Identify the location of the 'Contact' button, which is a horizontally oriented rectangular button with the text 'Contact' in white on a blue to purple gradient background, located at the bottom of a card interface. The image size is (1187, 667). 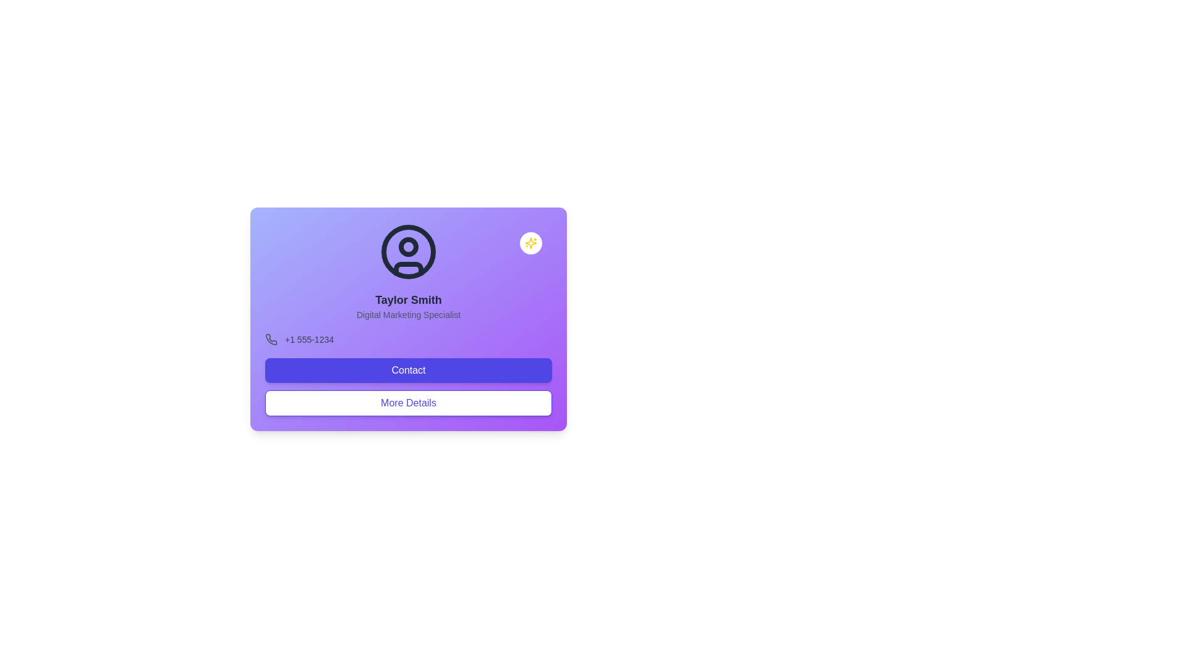
(409, 387).